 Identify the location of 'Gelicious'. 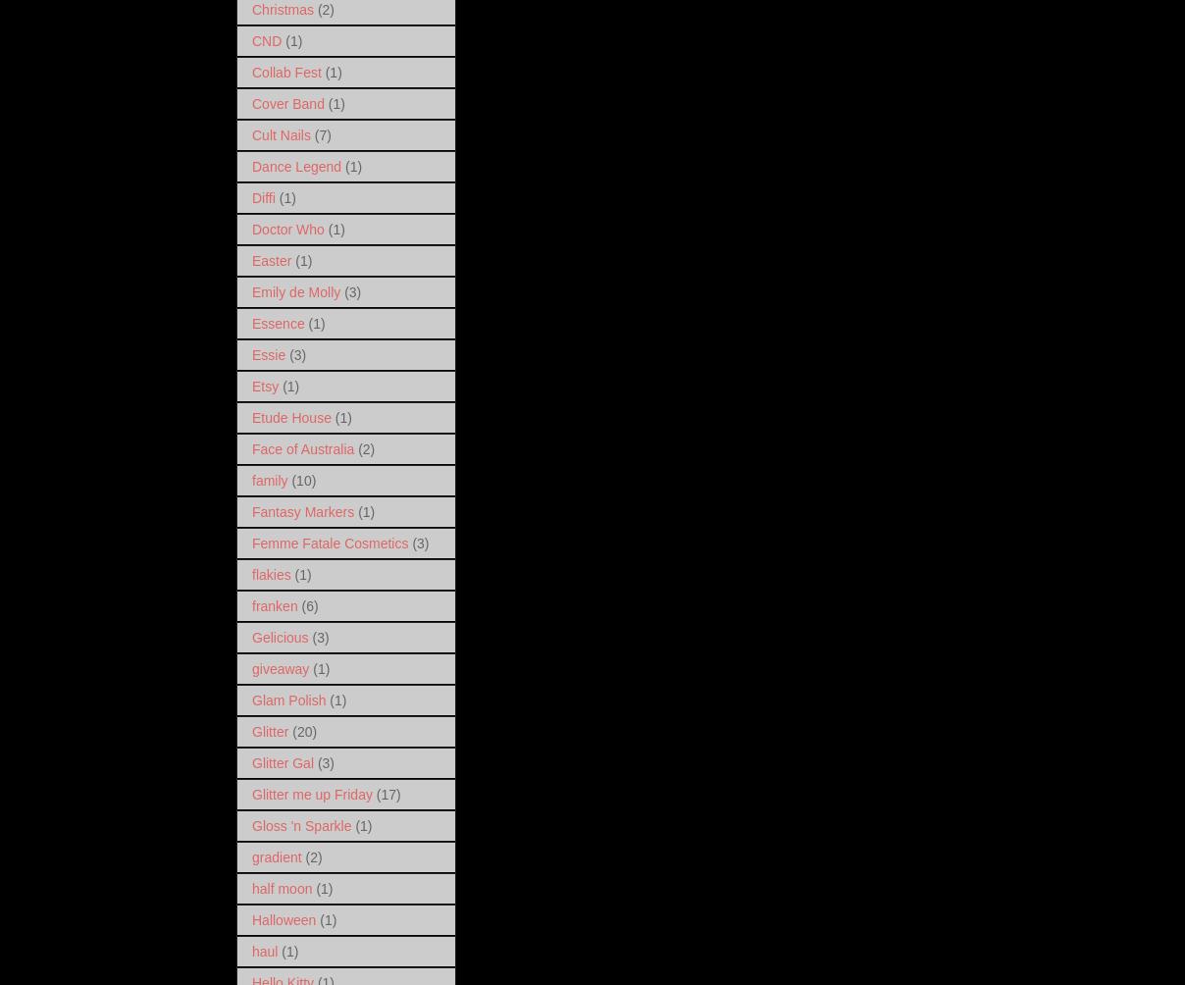
(251, 635).